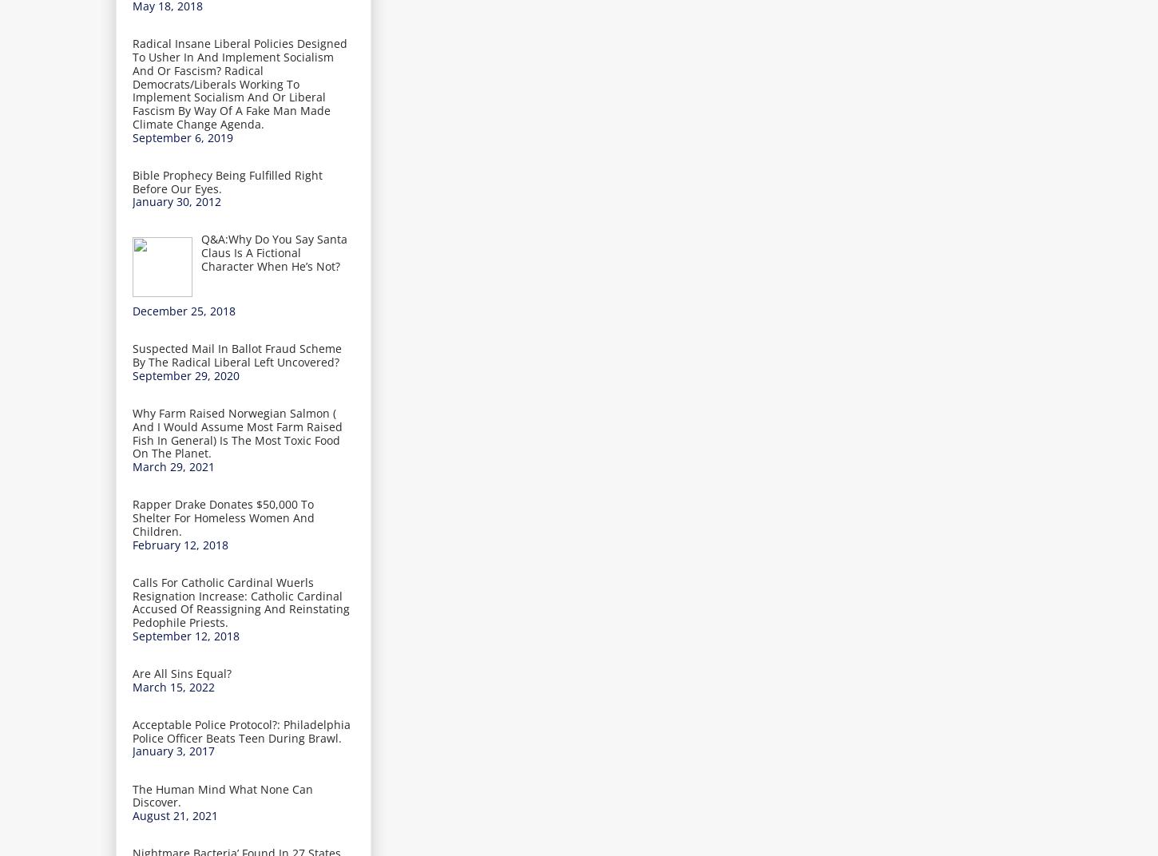 This screenshot has height=856, width=1158. What do you see at coordinates (173, 466) in the screenshot?
I see `'March 29, 2021'` at bounding box center [173, 466].